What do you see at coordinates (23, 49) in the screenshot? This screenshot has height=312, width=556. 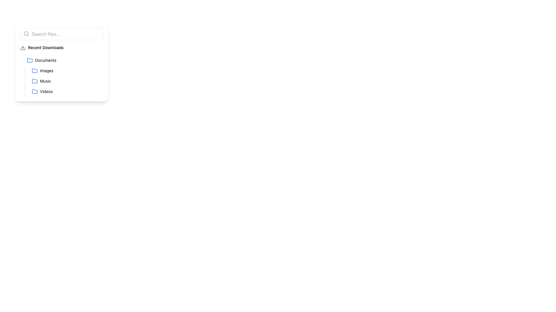 I see `bottom rectangular section of the download icon located next to the 'Recent Downloads' label in the left sidebar for analysis` at bounding box center [23, 49].